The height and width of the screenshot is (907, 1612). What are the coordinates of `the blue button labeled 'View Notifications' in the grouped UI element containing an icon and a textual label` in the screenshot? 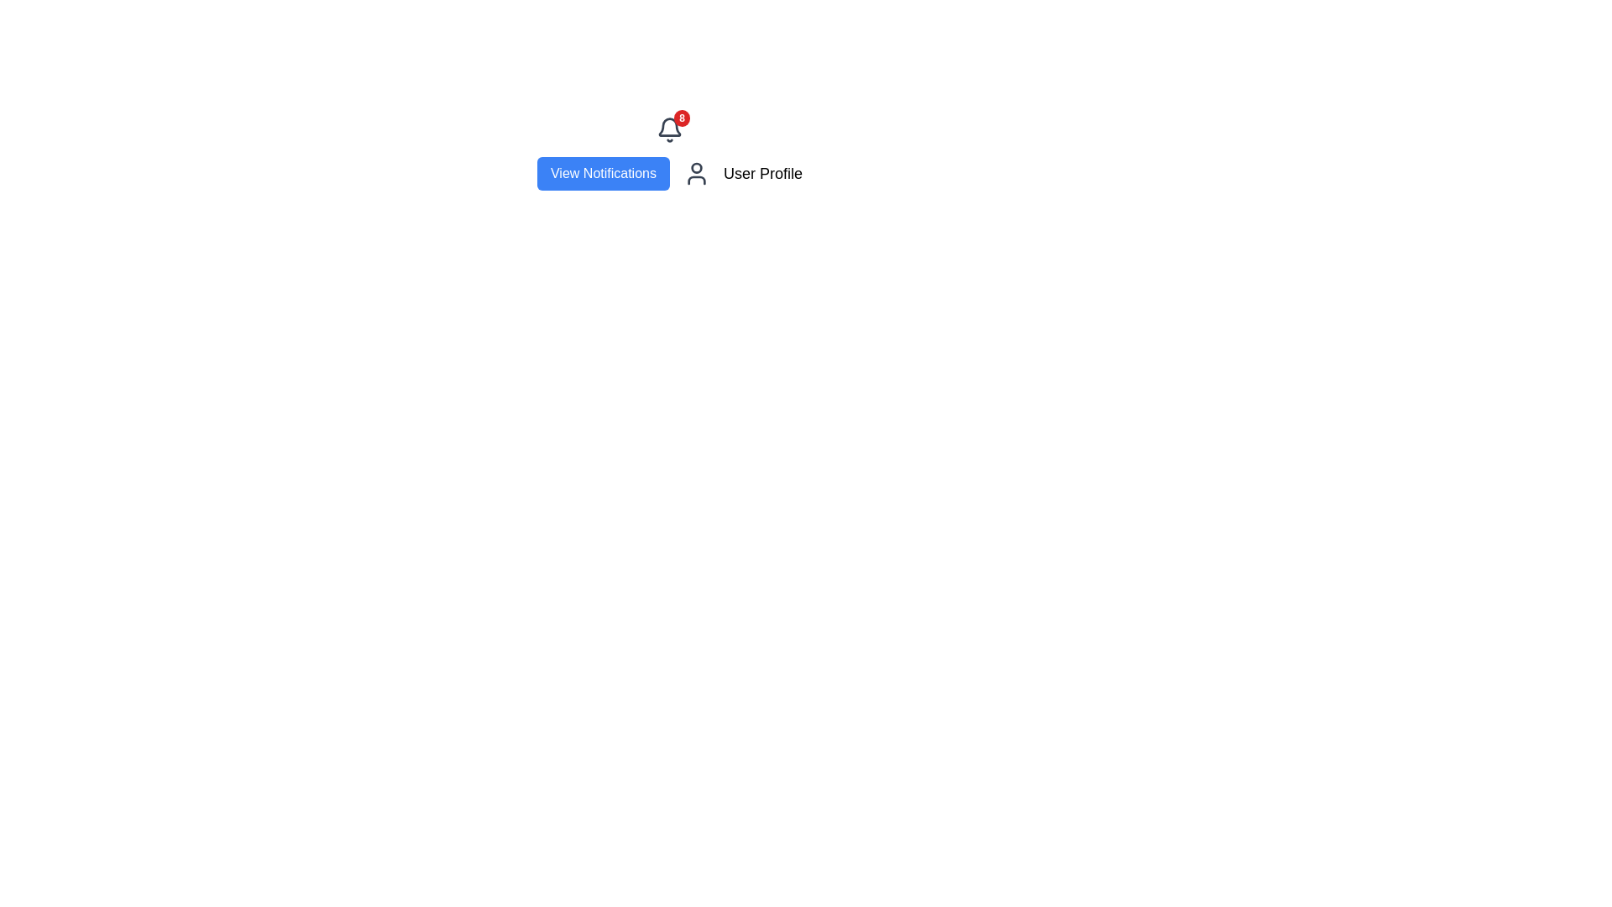 It's located at (668, 174).